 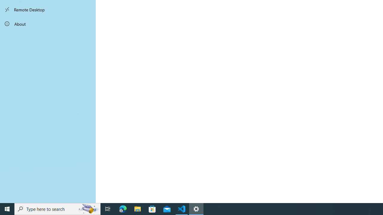 What do you see at coordinates (88, 208) in the screenshot?
I see `'Search highlights icon opens search home window'` at bounding box center [88, 208].